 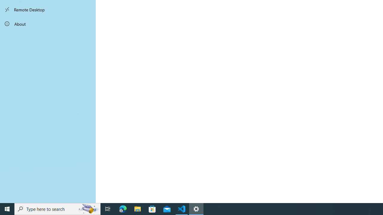 What do you see at coordinates (88, 208) in the screenshot?
I see `'Search highlights icon opens search home window'` at bounding box center [88, 208].